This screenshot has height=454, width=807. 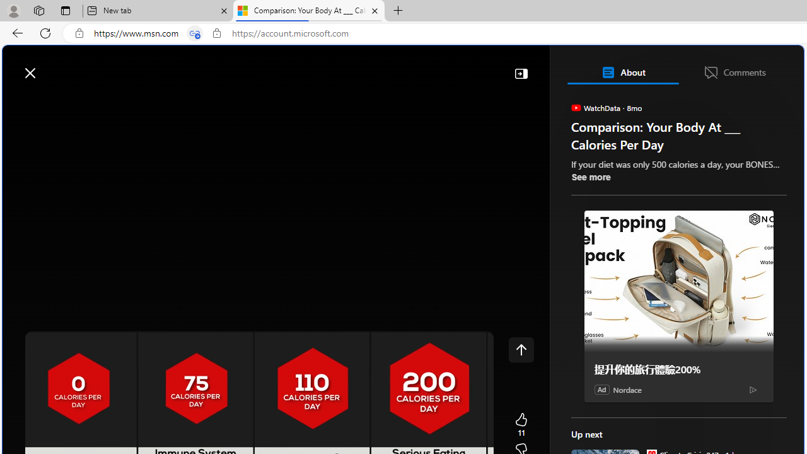 I want to click on 'Workspaces', so click(x=38, y=10).